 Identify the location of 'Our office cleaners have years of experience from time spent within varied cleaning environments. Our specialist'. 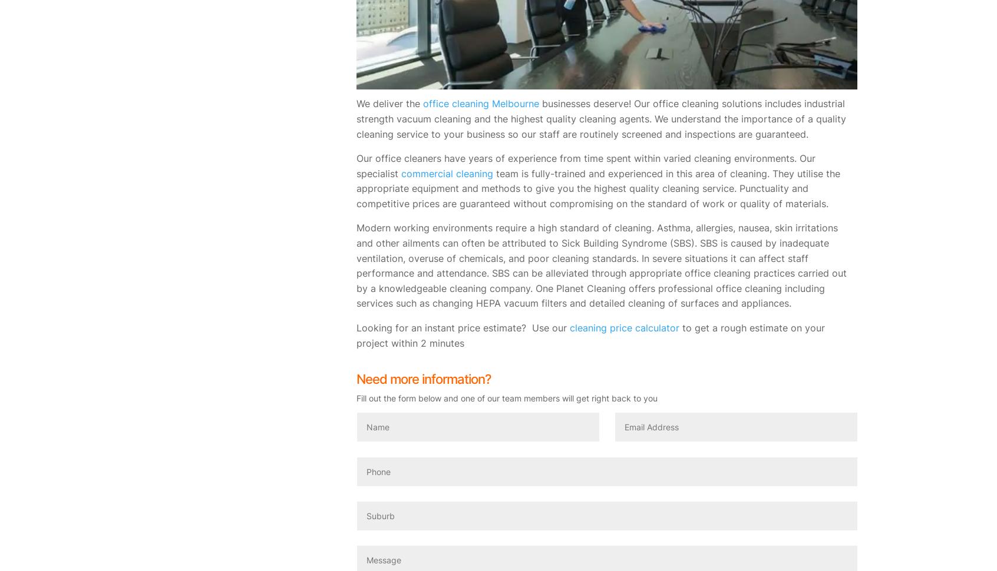
(585, 165).